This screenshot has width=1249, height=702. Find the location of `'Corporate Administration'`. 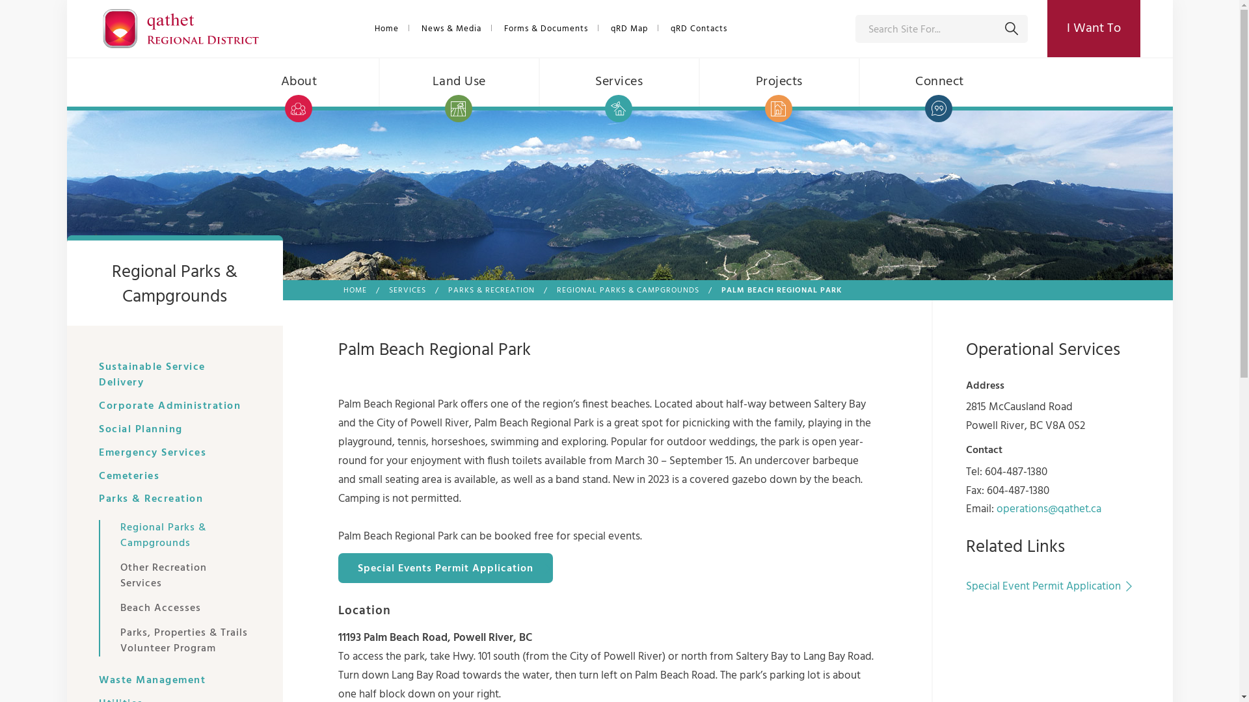

'Corporate Administration' is located at coordinates (168, 405).